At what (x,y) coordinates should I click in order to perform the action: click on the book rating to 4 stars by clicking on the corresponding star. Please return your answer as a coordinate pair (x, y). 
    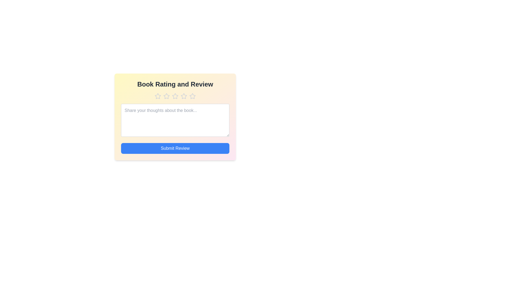
    Looking at the image, I should click on (184, 96).